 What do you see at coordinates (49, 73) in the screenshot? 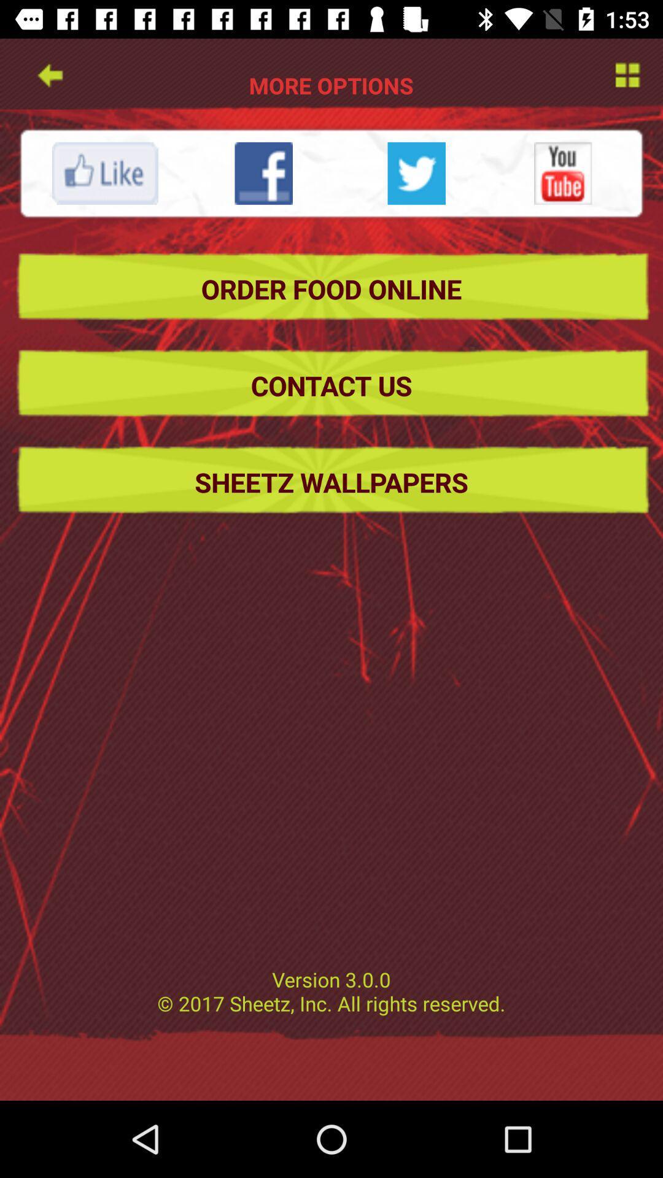
I see `go back` at bounding box center [49, 73].